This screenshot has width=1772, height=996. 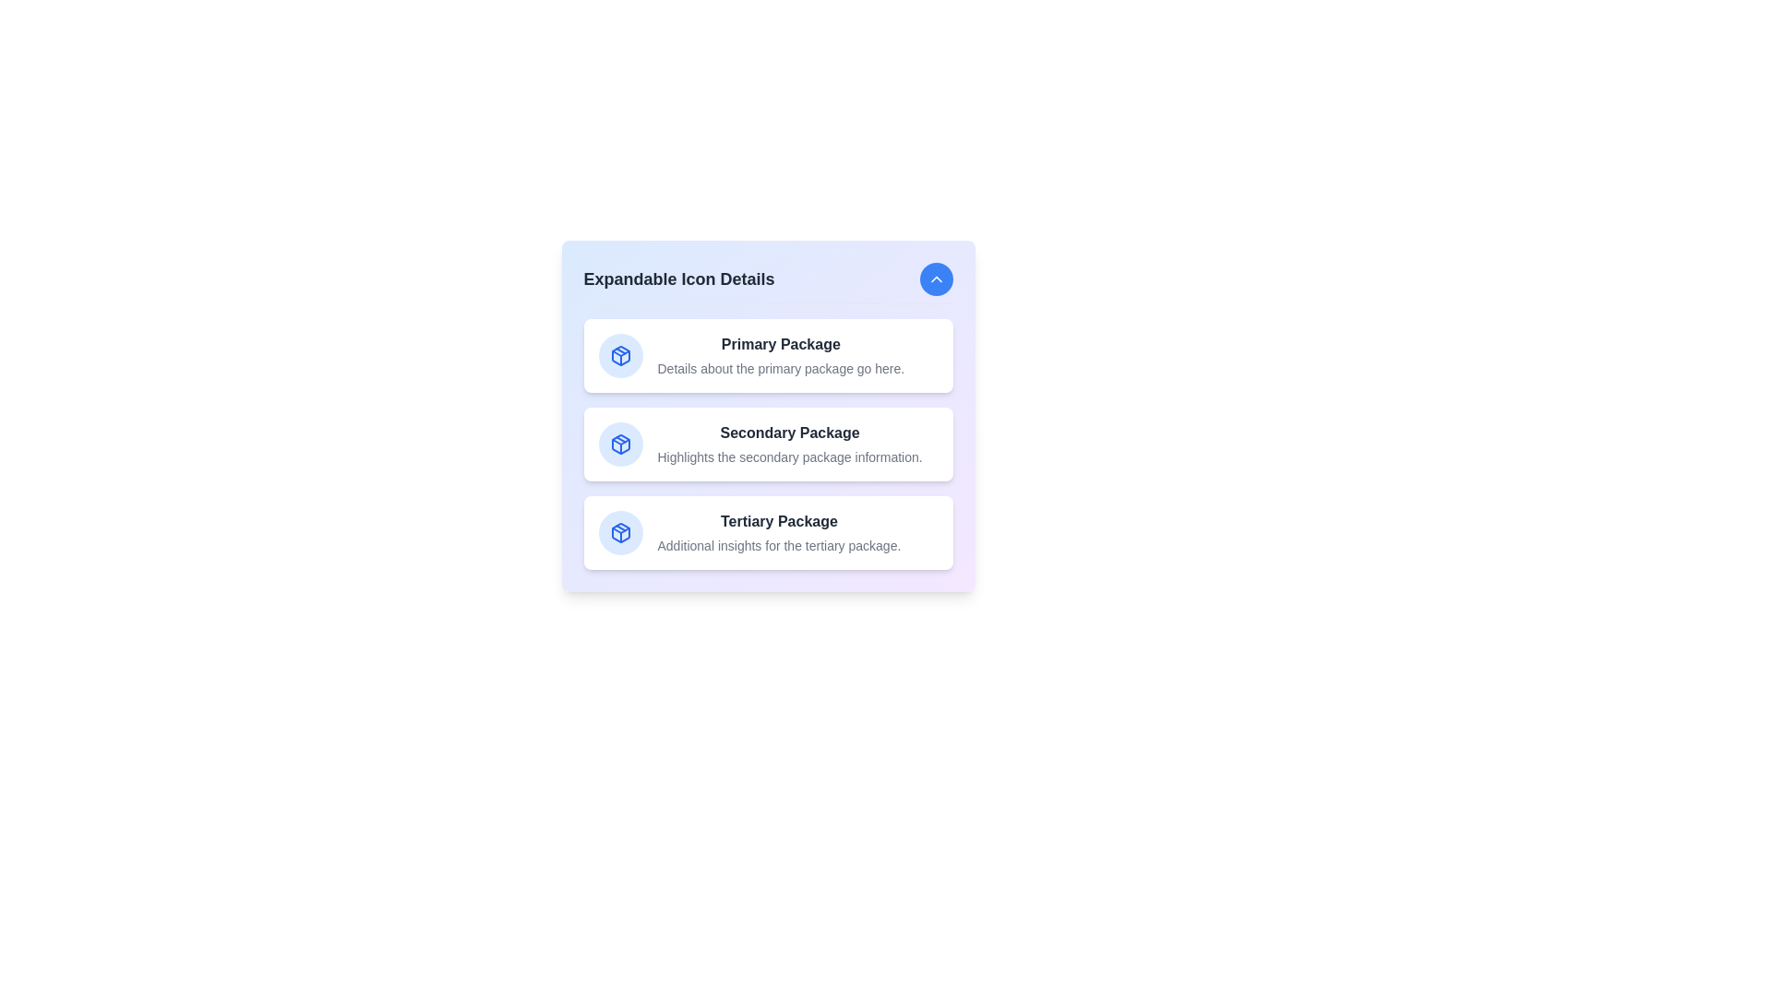 I want to click on the static text field that provides additional information about 'Primary Package', located below the 'Primary Package' text in the first card of the 'Expandable Icon Details' interface, so click(x=781, y=369).